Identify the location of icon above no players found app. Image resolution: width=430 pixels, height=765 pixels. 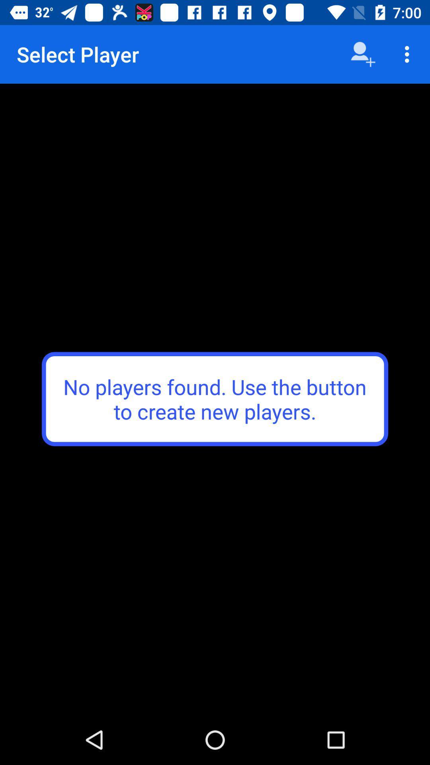
(409, 54).